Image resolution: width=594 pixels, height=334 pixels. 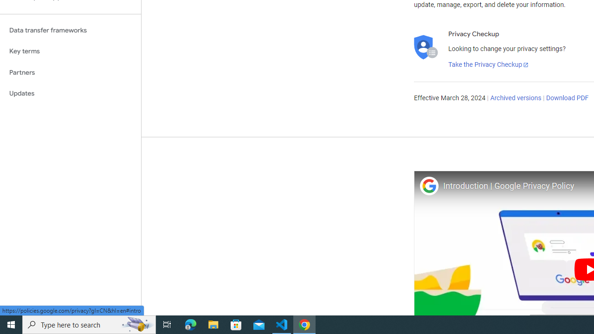 What do you see at coordinates (428, 186) in the screenshot?
I see `'Photo image of Google'` at bounding box center [428, 186].